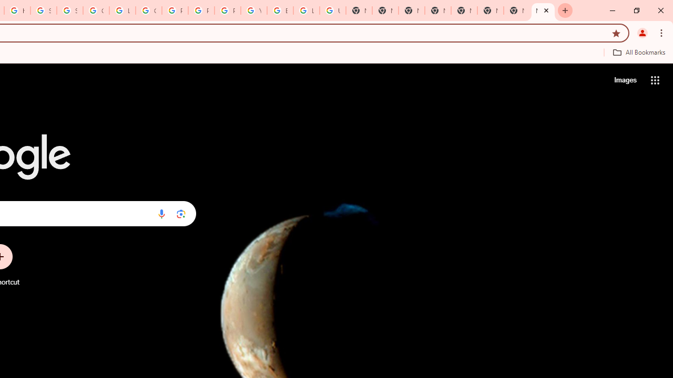 The height and width of the screenshot is (378, 673). What do you see at coordinates (181, 213) in the screenshot?
I see `'Search by image'` at bounding box center [181, 213].